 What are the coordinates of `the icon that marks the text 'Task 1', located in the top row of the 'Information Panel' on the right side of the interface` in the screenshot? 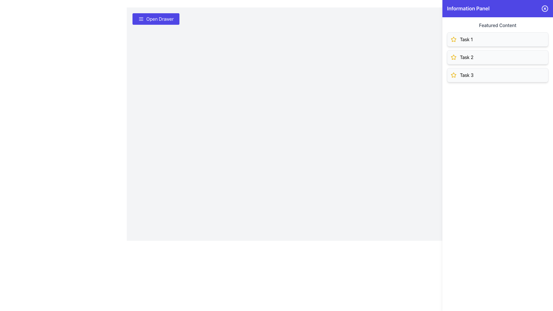 It's located at (453, 39).